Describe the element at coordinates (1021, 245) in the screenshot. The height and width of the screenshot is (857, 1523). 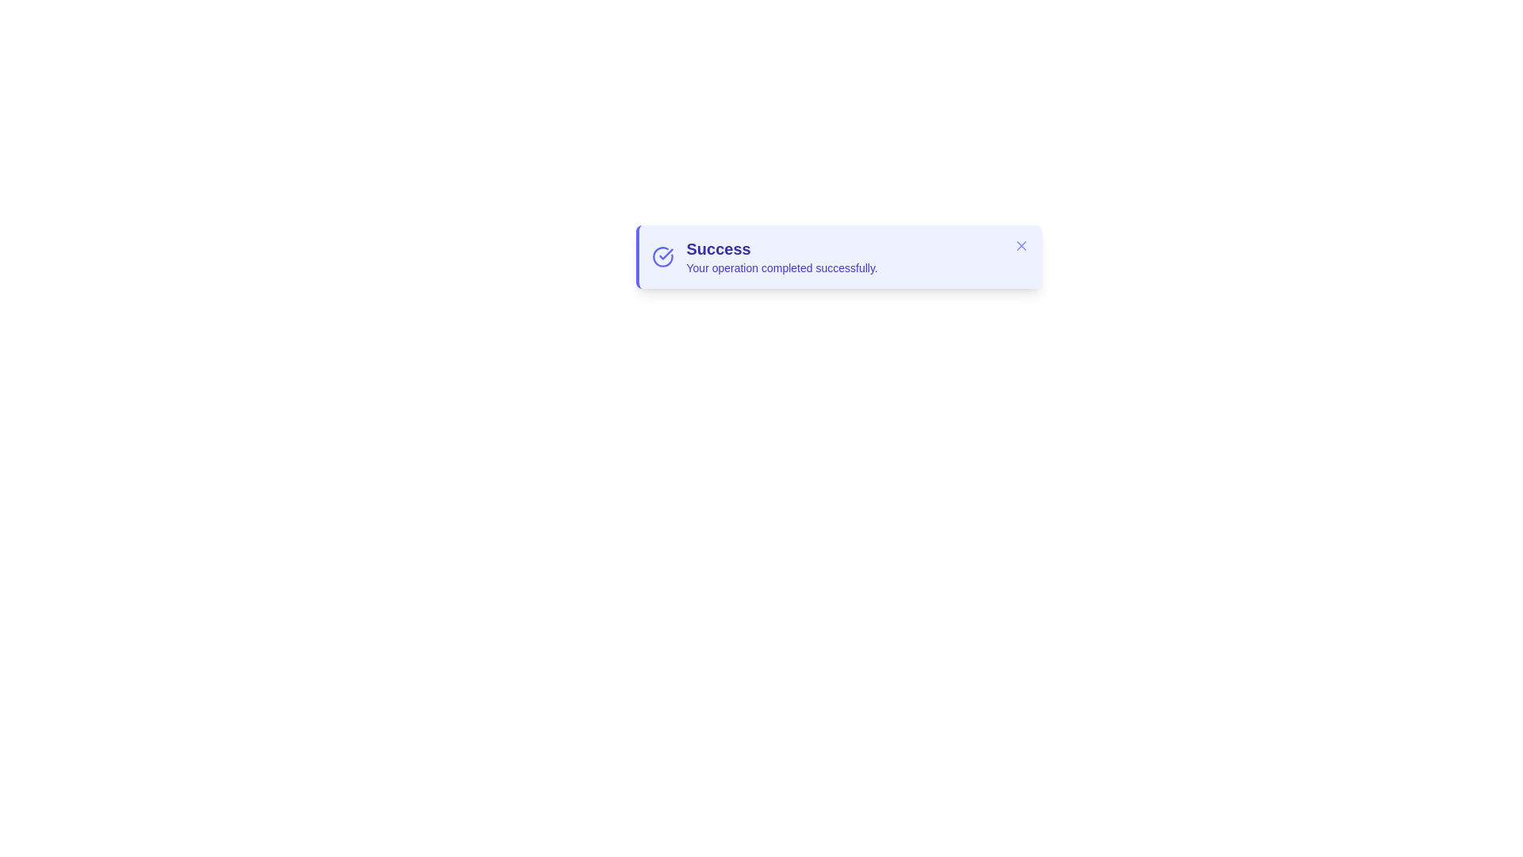
I see `the small 'X' shaped vector graphic close button located in the upper-right corner of the success message notification box` at that location.